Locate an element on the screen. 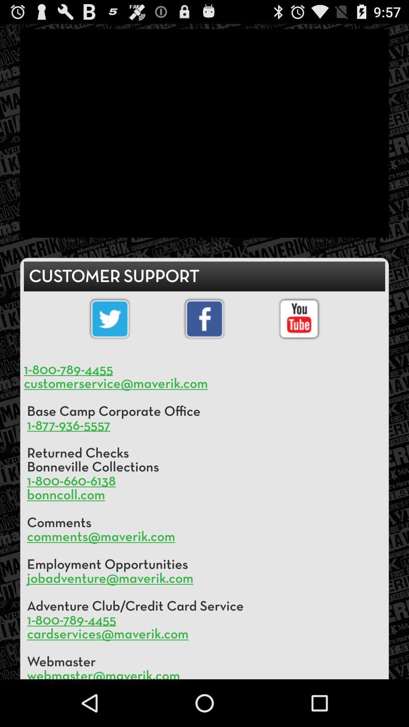 This screenshot has width=409, height=727. you tube selection option is located at coordinates (298, 319).